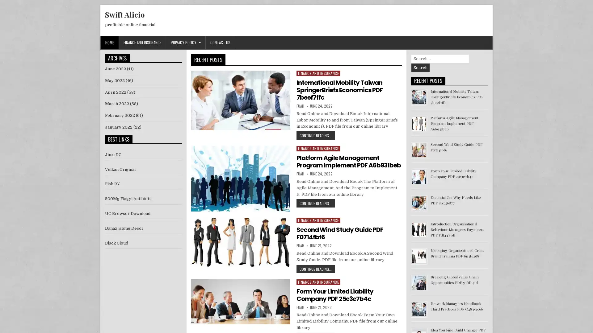  I want to click on Search, so click(420, 68).